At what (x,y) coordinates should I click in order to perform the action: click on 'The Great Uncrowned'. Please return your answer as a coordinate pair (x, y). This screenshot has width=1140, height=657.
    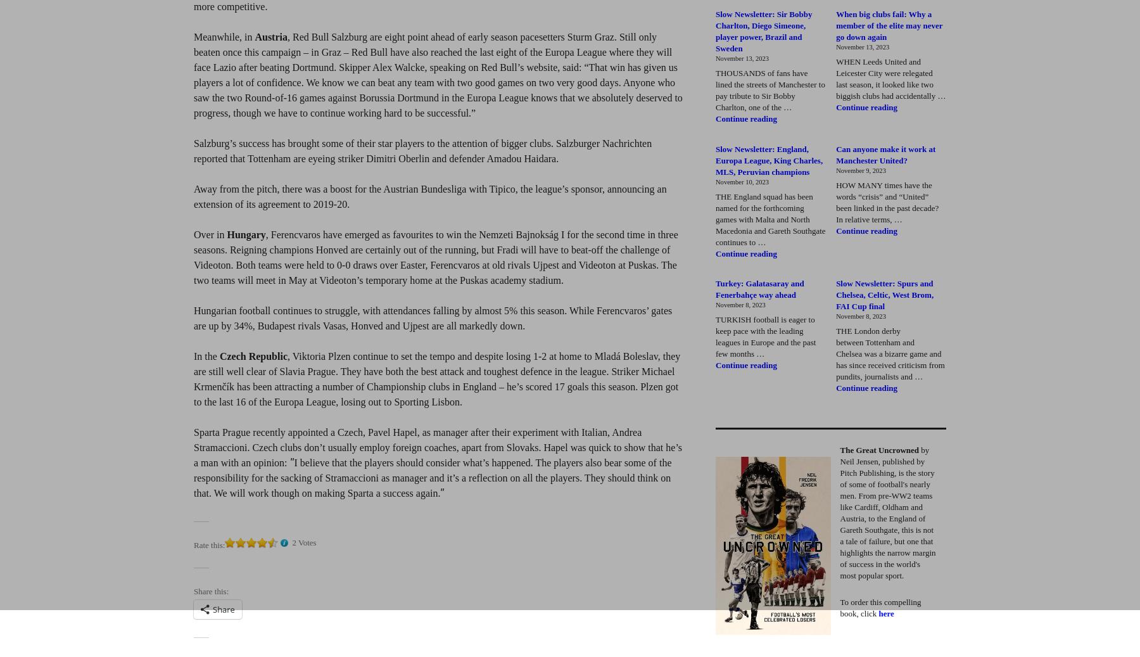
    Looking at the image, I should click on (878, 450).